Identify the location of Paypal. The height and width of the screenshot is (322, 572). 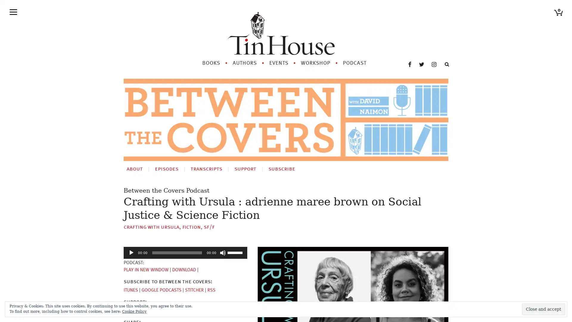
(153, 310).